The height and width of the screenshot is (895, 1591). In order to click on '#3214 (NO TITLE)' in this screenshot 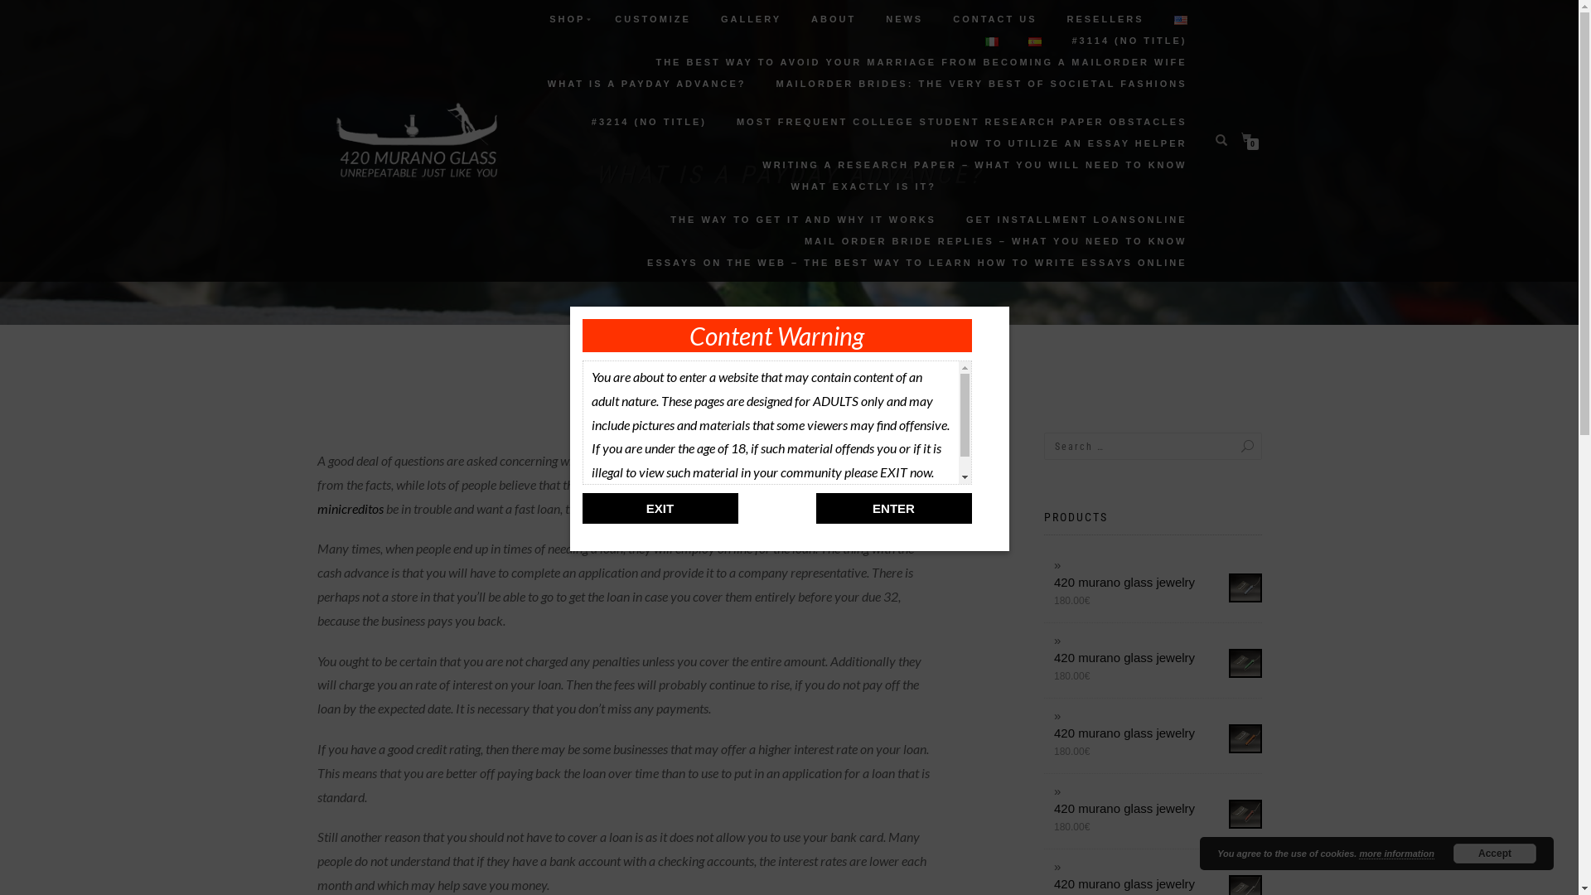, I will do `click(648, 120)`.